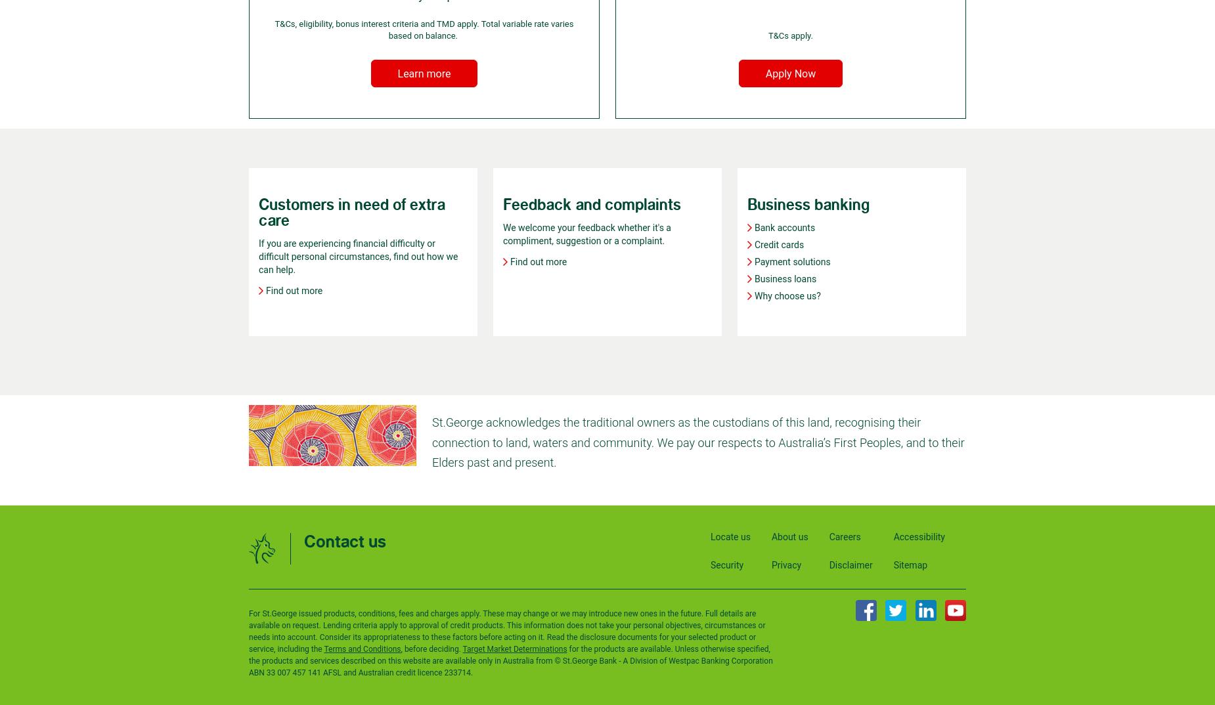 The image size is (1215, 705). I want to click on 'Security', so click(726, 565).